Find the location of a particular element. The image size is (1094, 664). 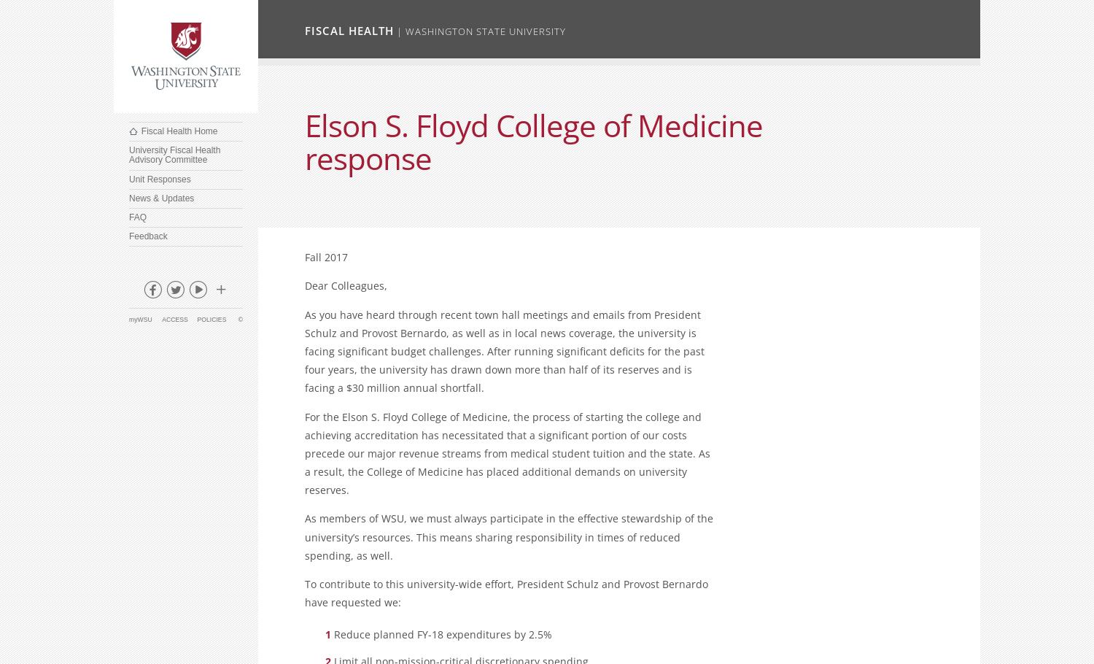

'Policies' is located at coordinates (211, 318).